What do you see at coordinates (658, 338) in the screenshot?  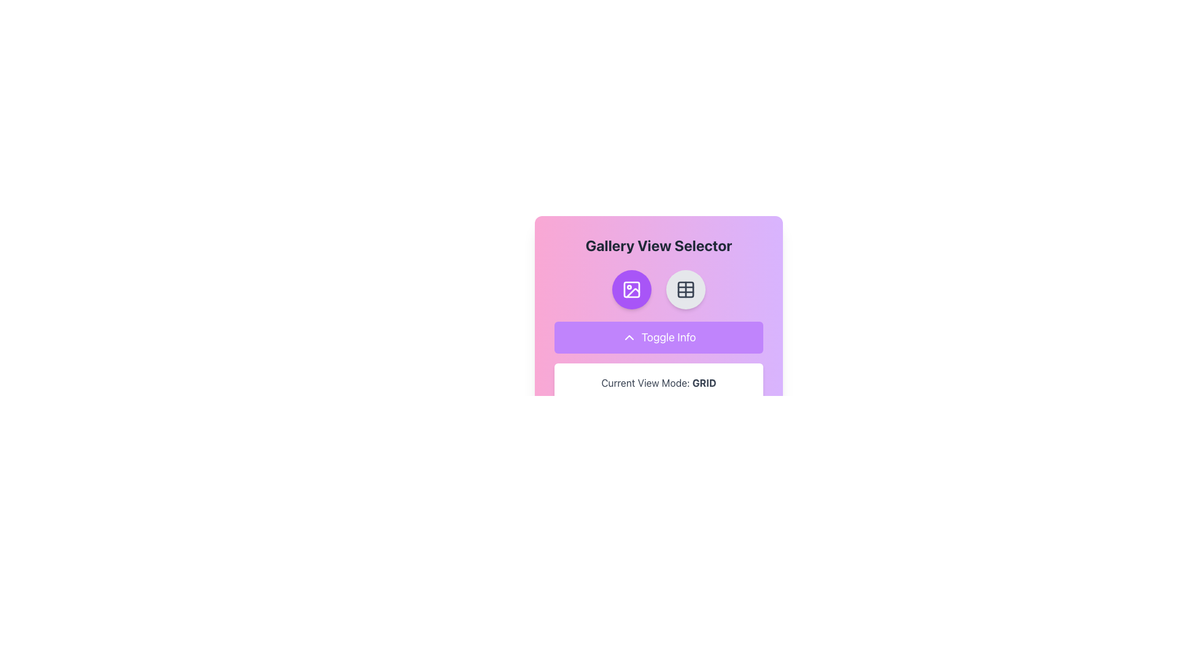 I see `the toggle button located below the circular image and table view mode selector buttons` at bounding box center [658, 338].